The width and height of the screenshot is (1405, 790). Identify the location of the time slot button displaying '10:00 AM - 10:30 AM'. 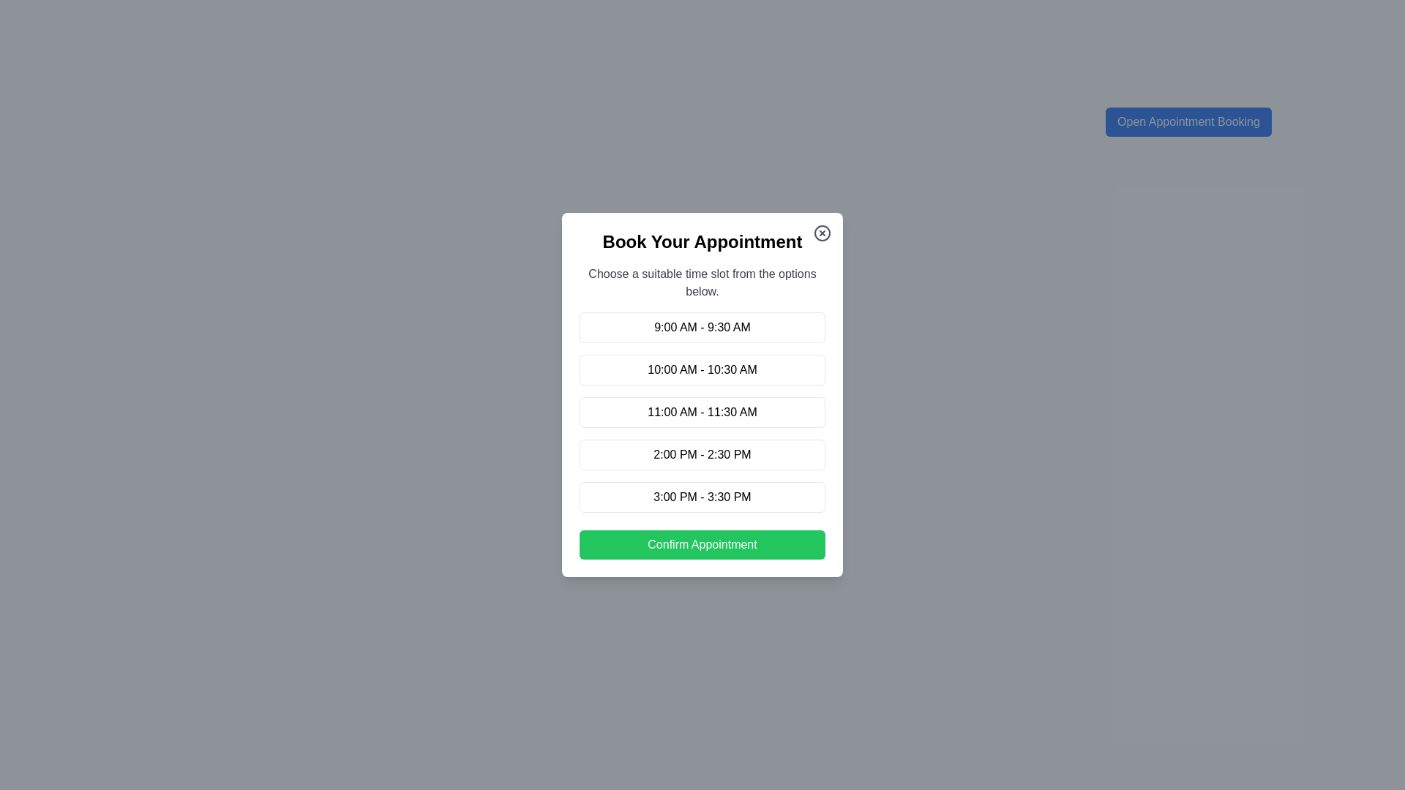
(702, 369).